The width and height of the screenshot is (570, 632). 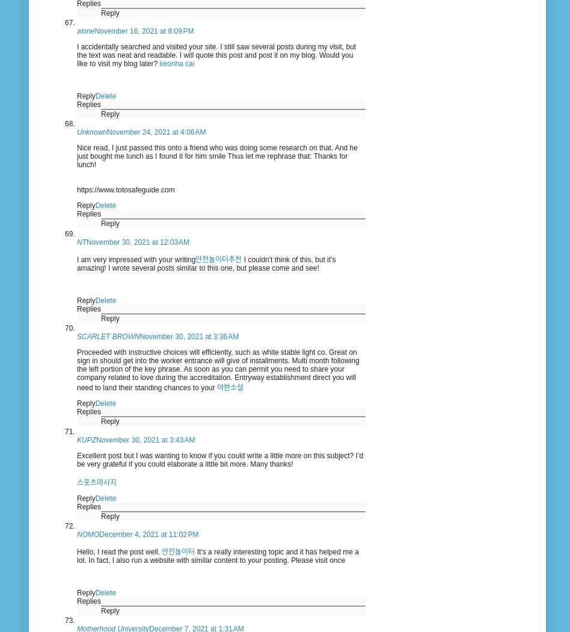 What do you see at coordinates (76, 263) in the screenshot?
I see `'I couldn't think of this, but it's amazing! I wrote several posts similar to this one, but please come and see!'` at bounding box center [76, 263].